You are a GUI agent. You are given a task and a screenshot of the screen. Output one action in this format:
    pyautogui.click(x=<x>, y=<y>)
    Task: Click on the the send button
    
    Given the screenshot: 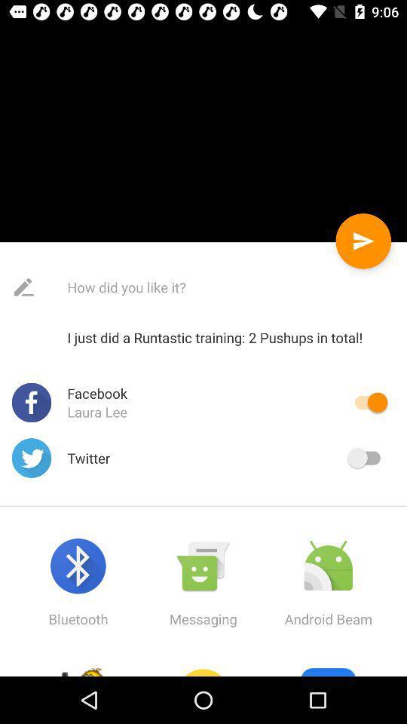 What is the action you would take?
    pyautogui.click(x=363, y=241)
    